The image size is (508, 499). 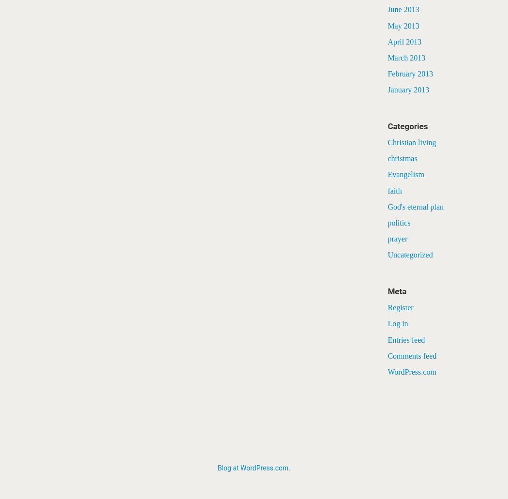 What do you see at coordinates (400, 307) in the screenshot?
I see `'Register'` at bounding box center [400, 307].